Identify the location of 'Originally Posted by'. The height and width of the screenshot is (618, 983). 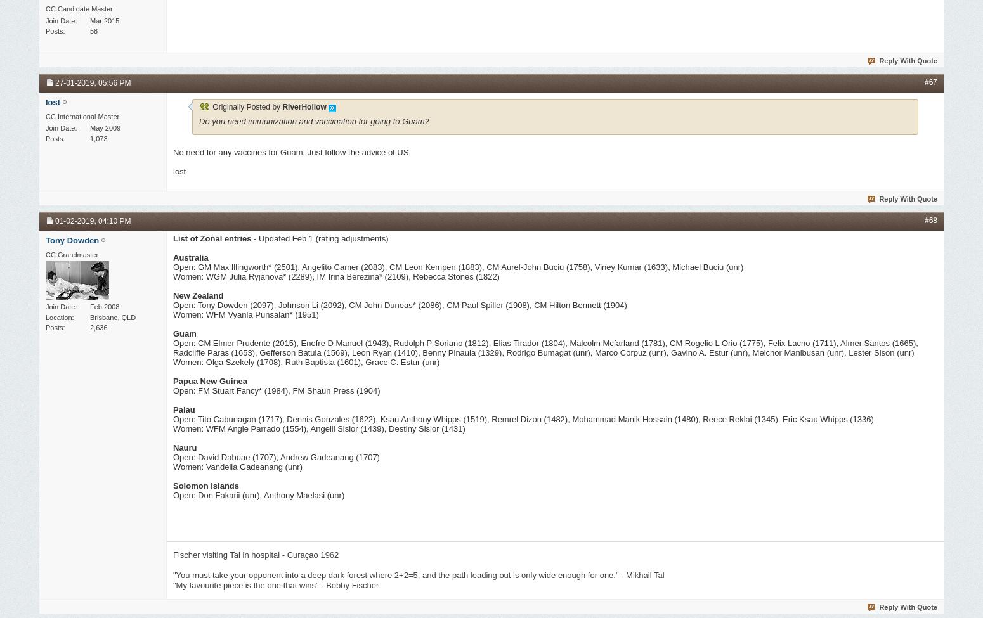
(246, 105).